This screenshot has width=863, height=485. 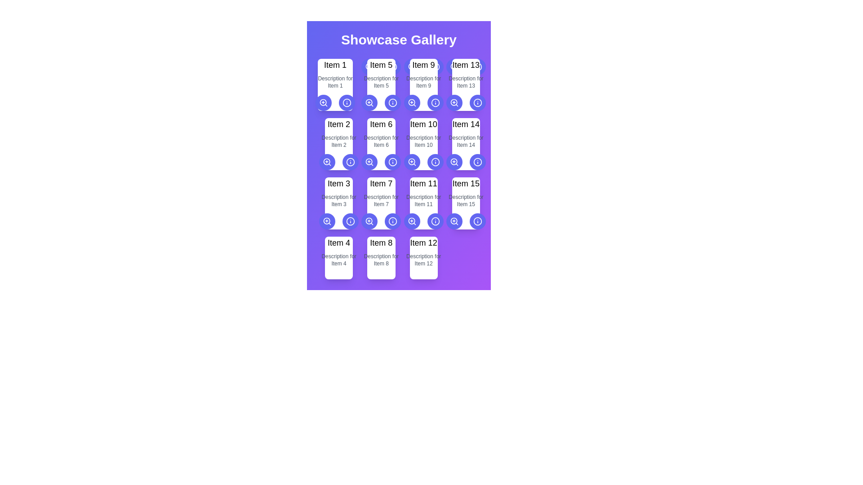 What do you see at coordinates (369, 221) in the screenshot?
I see `the circular graphic icon that is part of a compound vector icon, located beneath the card labeled 'Item 7' in the lower third of the interface` at bounding box center [369, 221].